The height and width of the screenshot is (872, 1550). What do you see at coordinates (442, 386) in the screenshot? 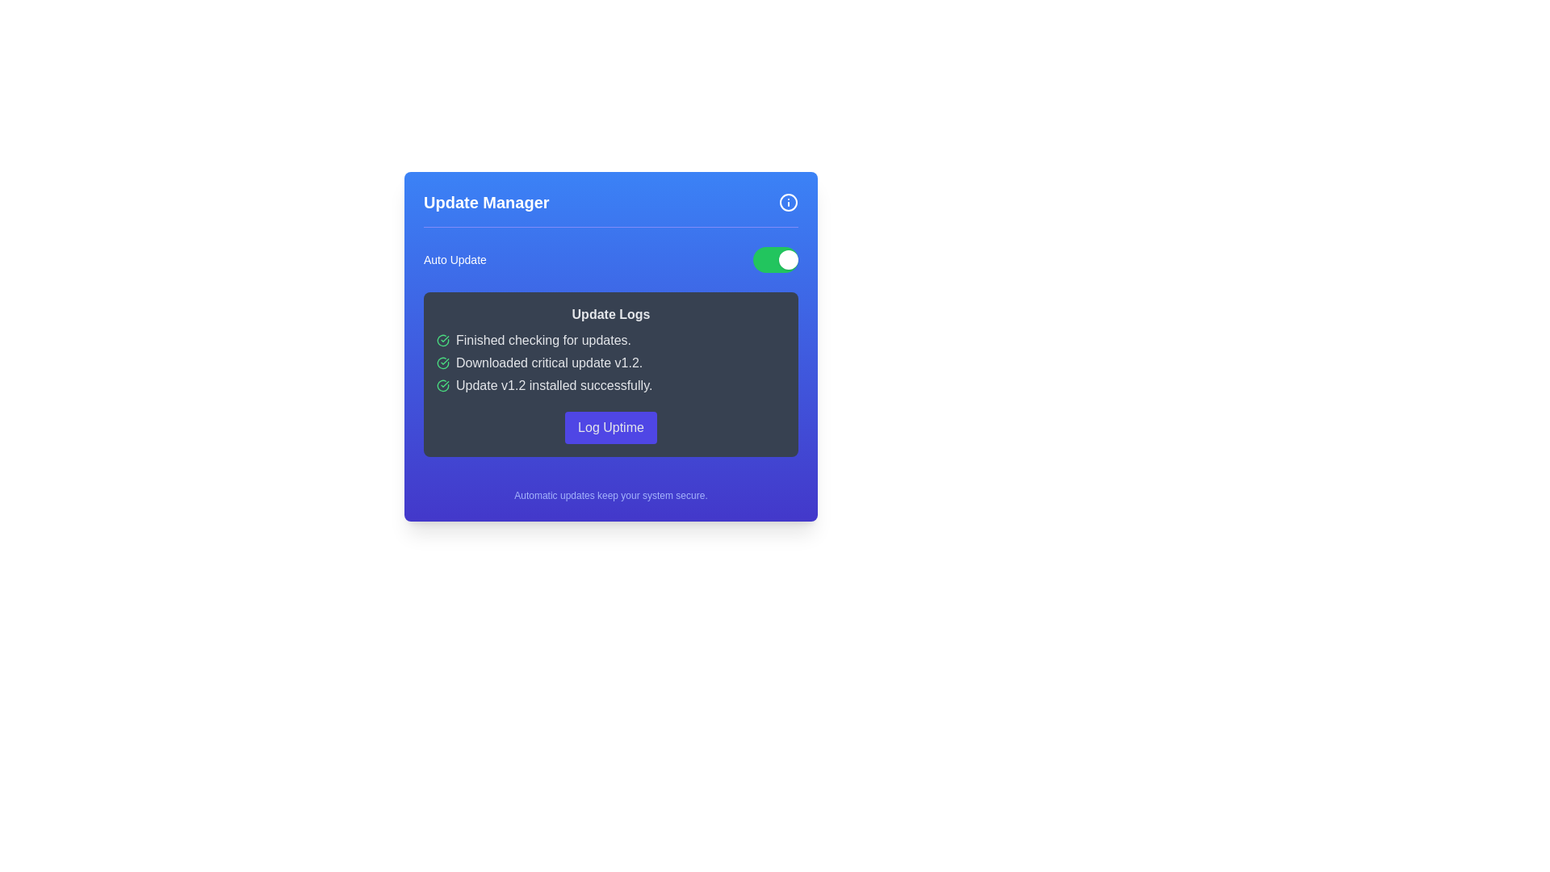
I see `the small circular green icon with a check mark inside it, which signifies a successful status, located to the left of the text 'Update v1.2 installed successfully.'` at bounding box center [442, 386].